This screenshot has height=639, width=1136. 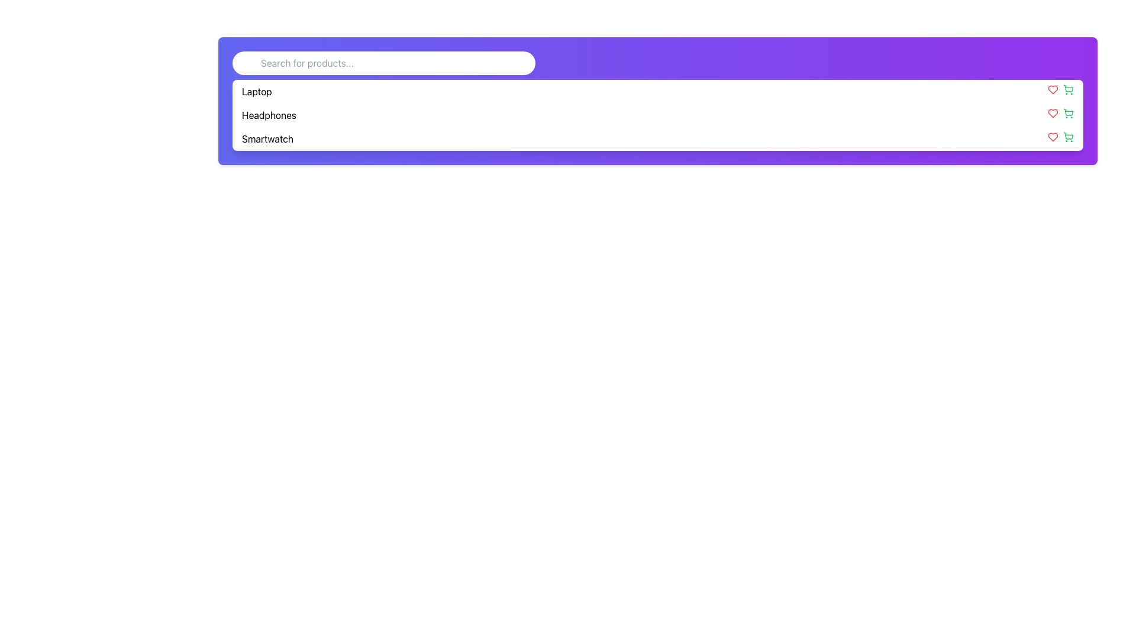 What do you see at coordinates (256, 91) in the screenshot?
I see `the 'Laptop' option in the dropdown list beneath the search bar` at bounding box center [256, 91].